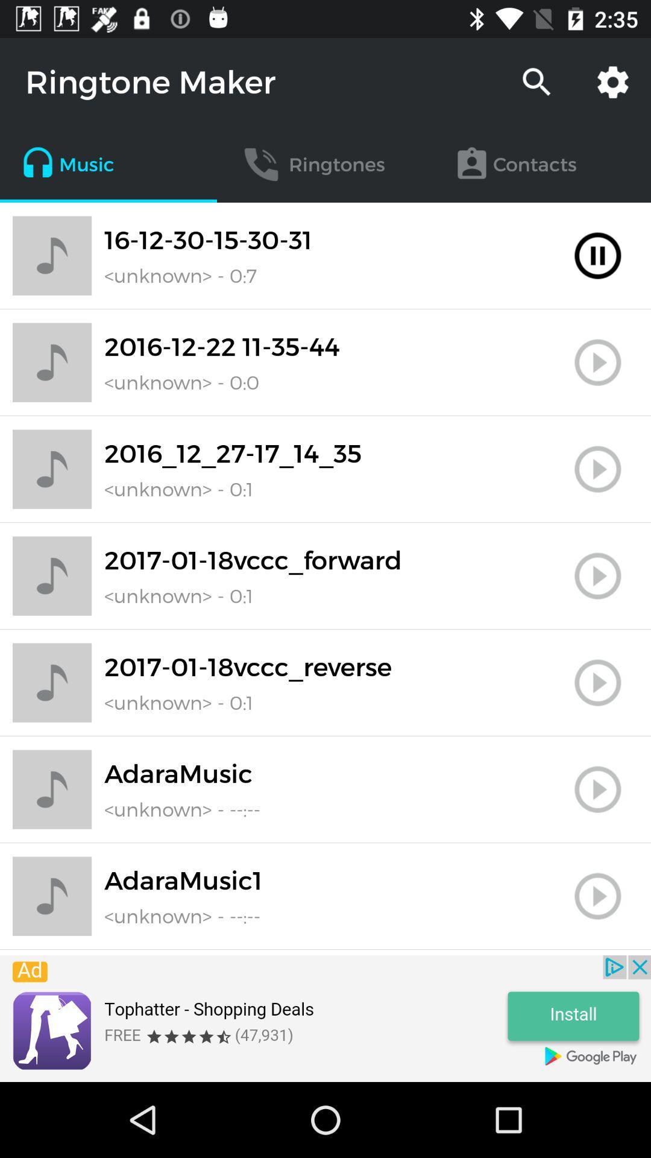  Describe the element at coordinates (597, 362) in the screenshot. I see `button for ringtone` at that location.